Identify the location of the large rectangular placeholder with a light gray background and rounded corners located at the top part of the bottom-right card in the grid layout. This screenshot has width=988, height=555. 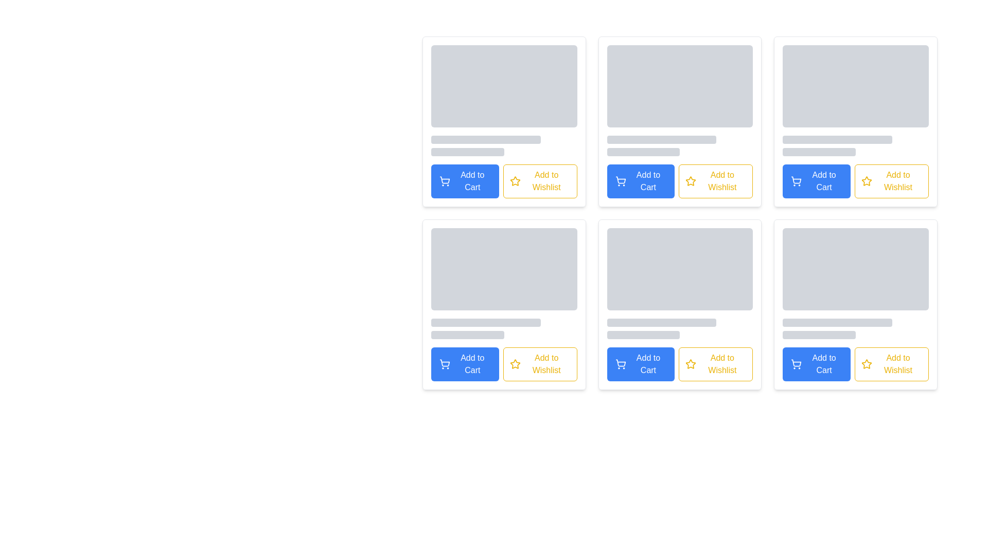
(856, 283).